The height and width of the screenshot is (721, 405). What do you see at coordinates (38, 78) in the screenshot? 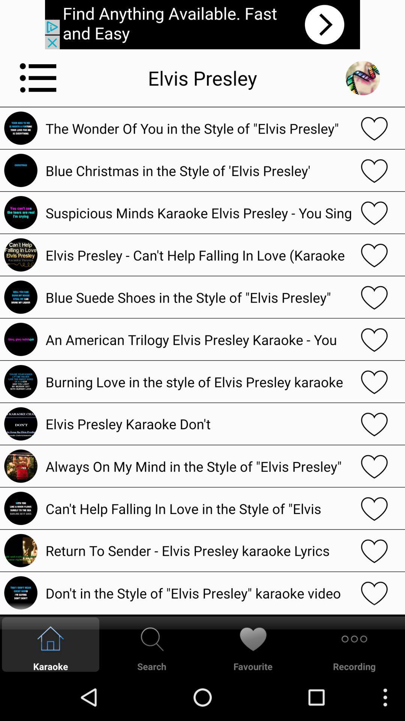
I see `open options menu` at bounding box center [38, 78].